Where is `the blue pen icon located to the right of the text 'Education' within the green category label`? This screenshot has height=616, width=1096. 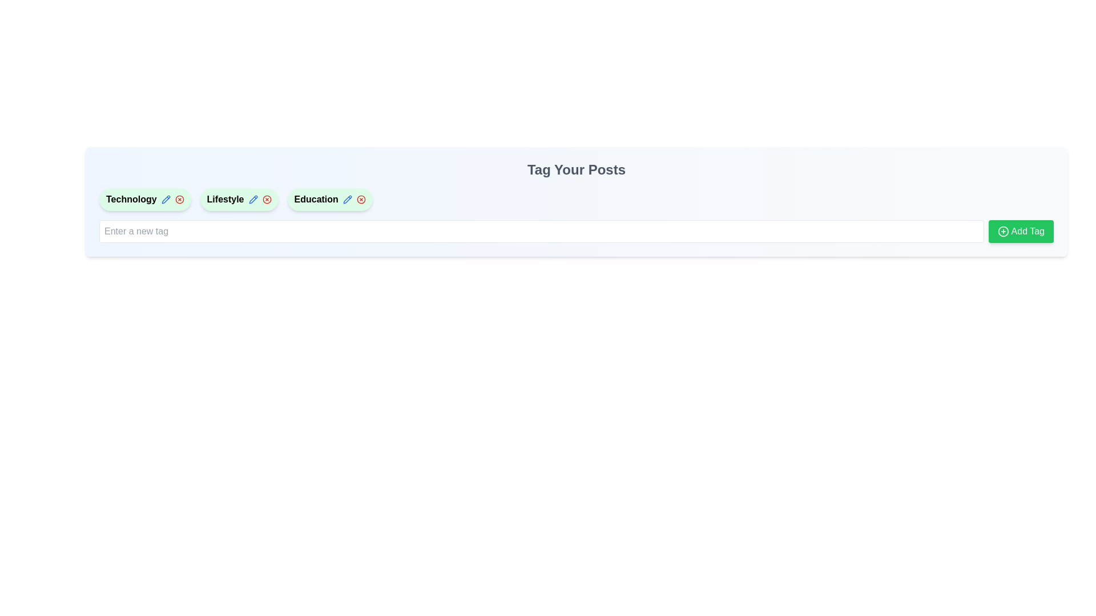
the blue pen icon located to the right of the text 'Education' within the green category label is located at coordinates (346, 199).